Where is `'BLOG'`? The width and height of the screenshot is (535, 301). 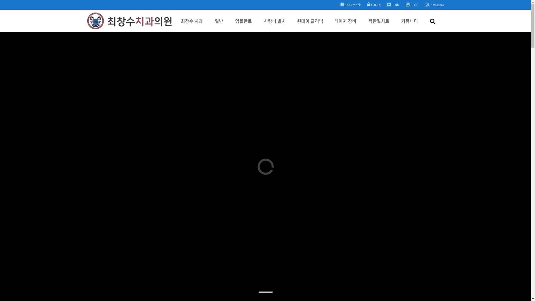
'BLOG' is located at coordinates (412, 5).